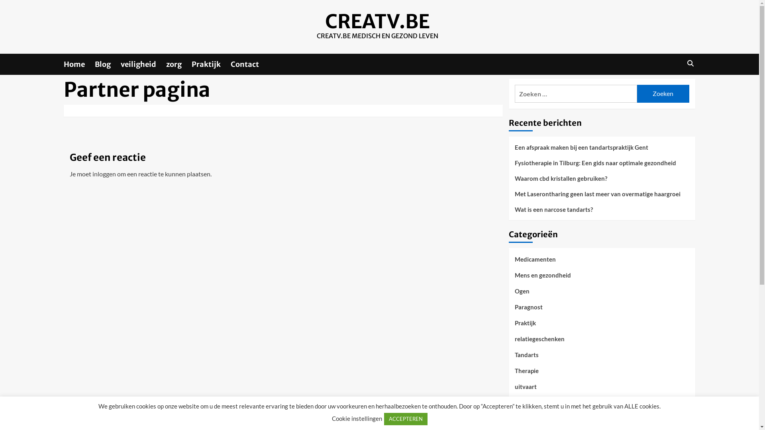 The height and width of the screenshot is (430, 765). I want to click on 'veiligheid', so click(143, 64).